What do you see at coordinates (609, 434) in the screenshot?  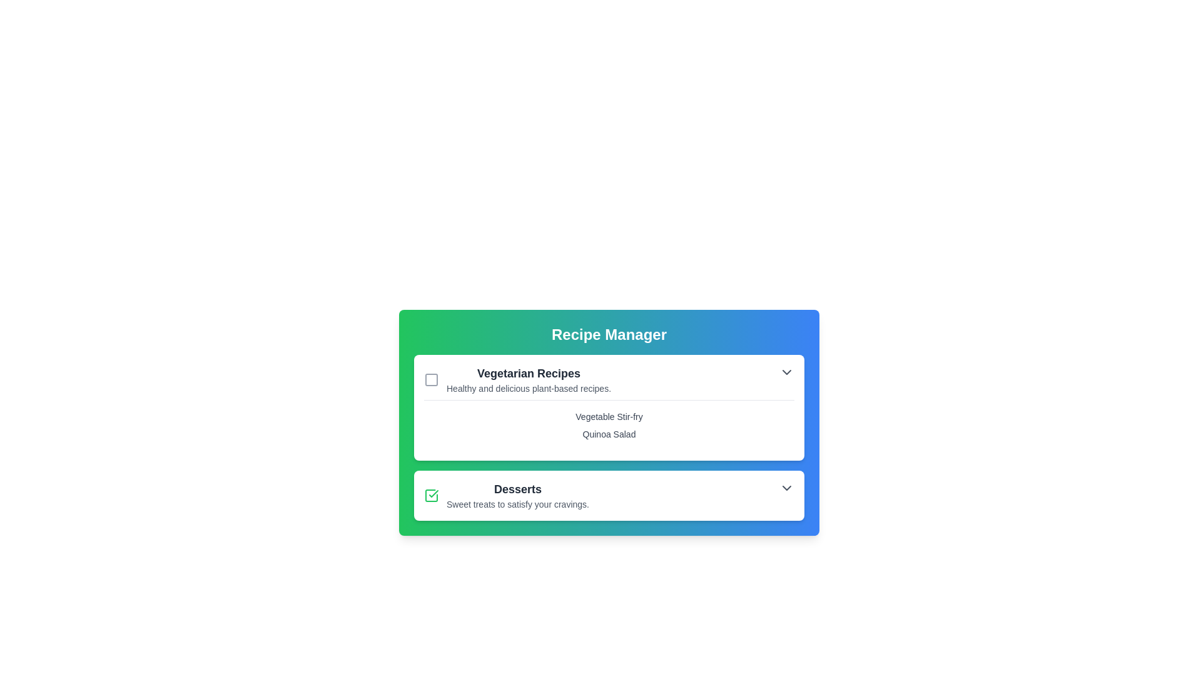 I see `the static text label displaying 'Quinoa Salad' in a medium-sized, gray-colored font, located in the 'Vegetarian Recipes' section of the Recipe Manager interface` at bounding box center [609, 434].